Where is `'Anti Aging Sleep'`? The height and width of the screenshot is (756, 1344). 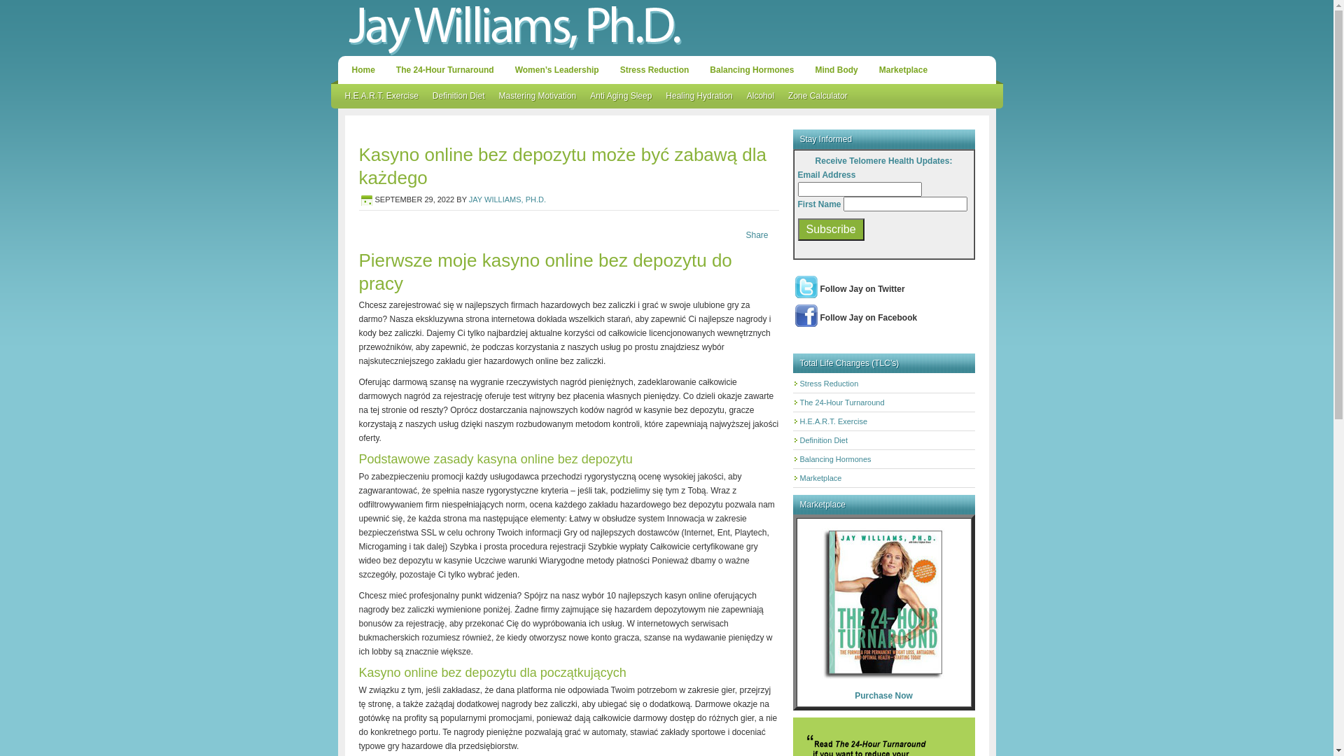
'Anti Aging Sleep' is located at coordinates (620, 95).